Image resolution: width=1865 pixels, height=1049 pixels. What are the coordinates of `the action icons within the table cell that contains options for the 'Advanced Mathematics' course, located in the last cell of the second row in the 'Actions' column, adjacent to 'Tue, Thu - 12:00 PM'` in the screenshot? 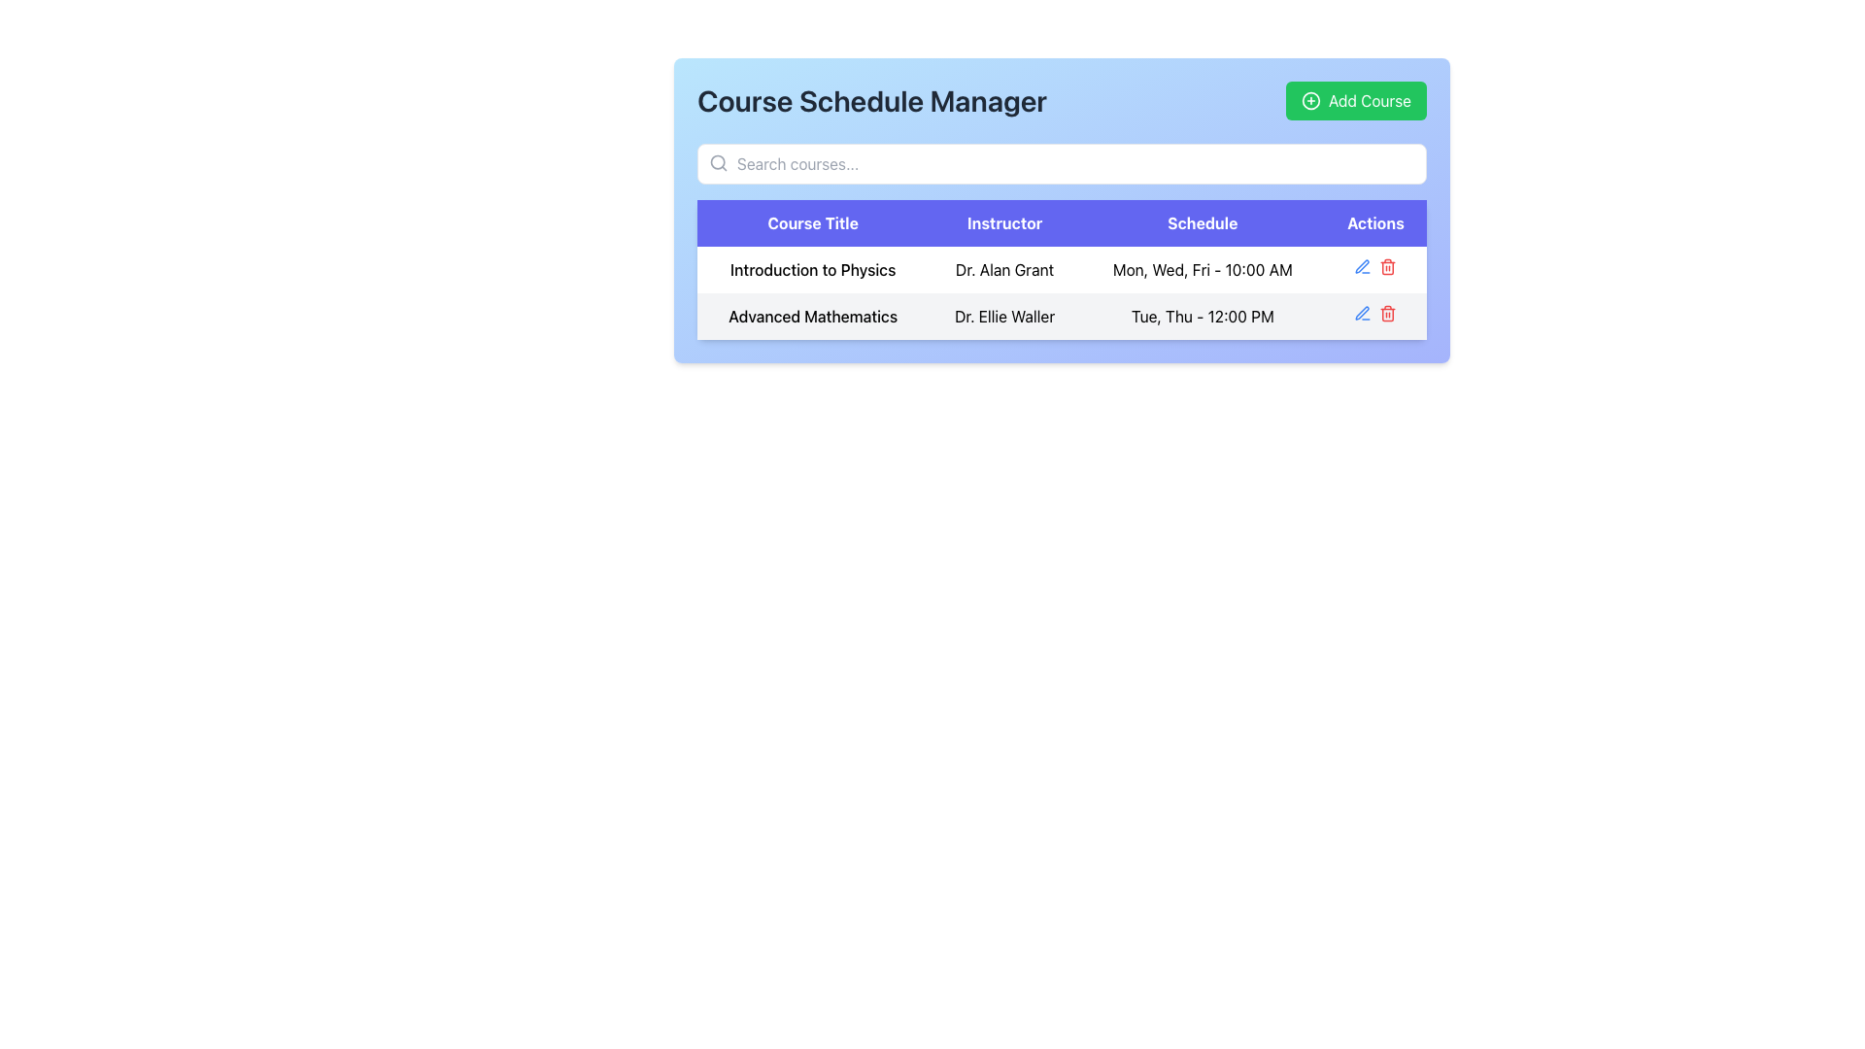 It's located at (1374, 316).